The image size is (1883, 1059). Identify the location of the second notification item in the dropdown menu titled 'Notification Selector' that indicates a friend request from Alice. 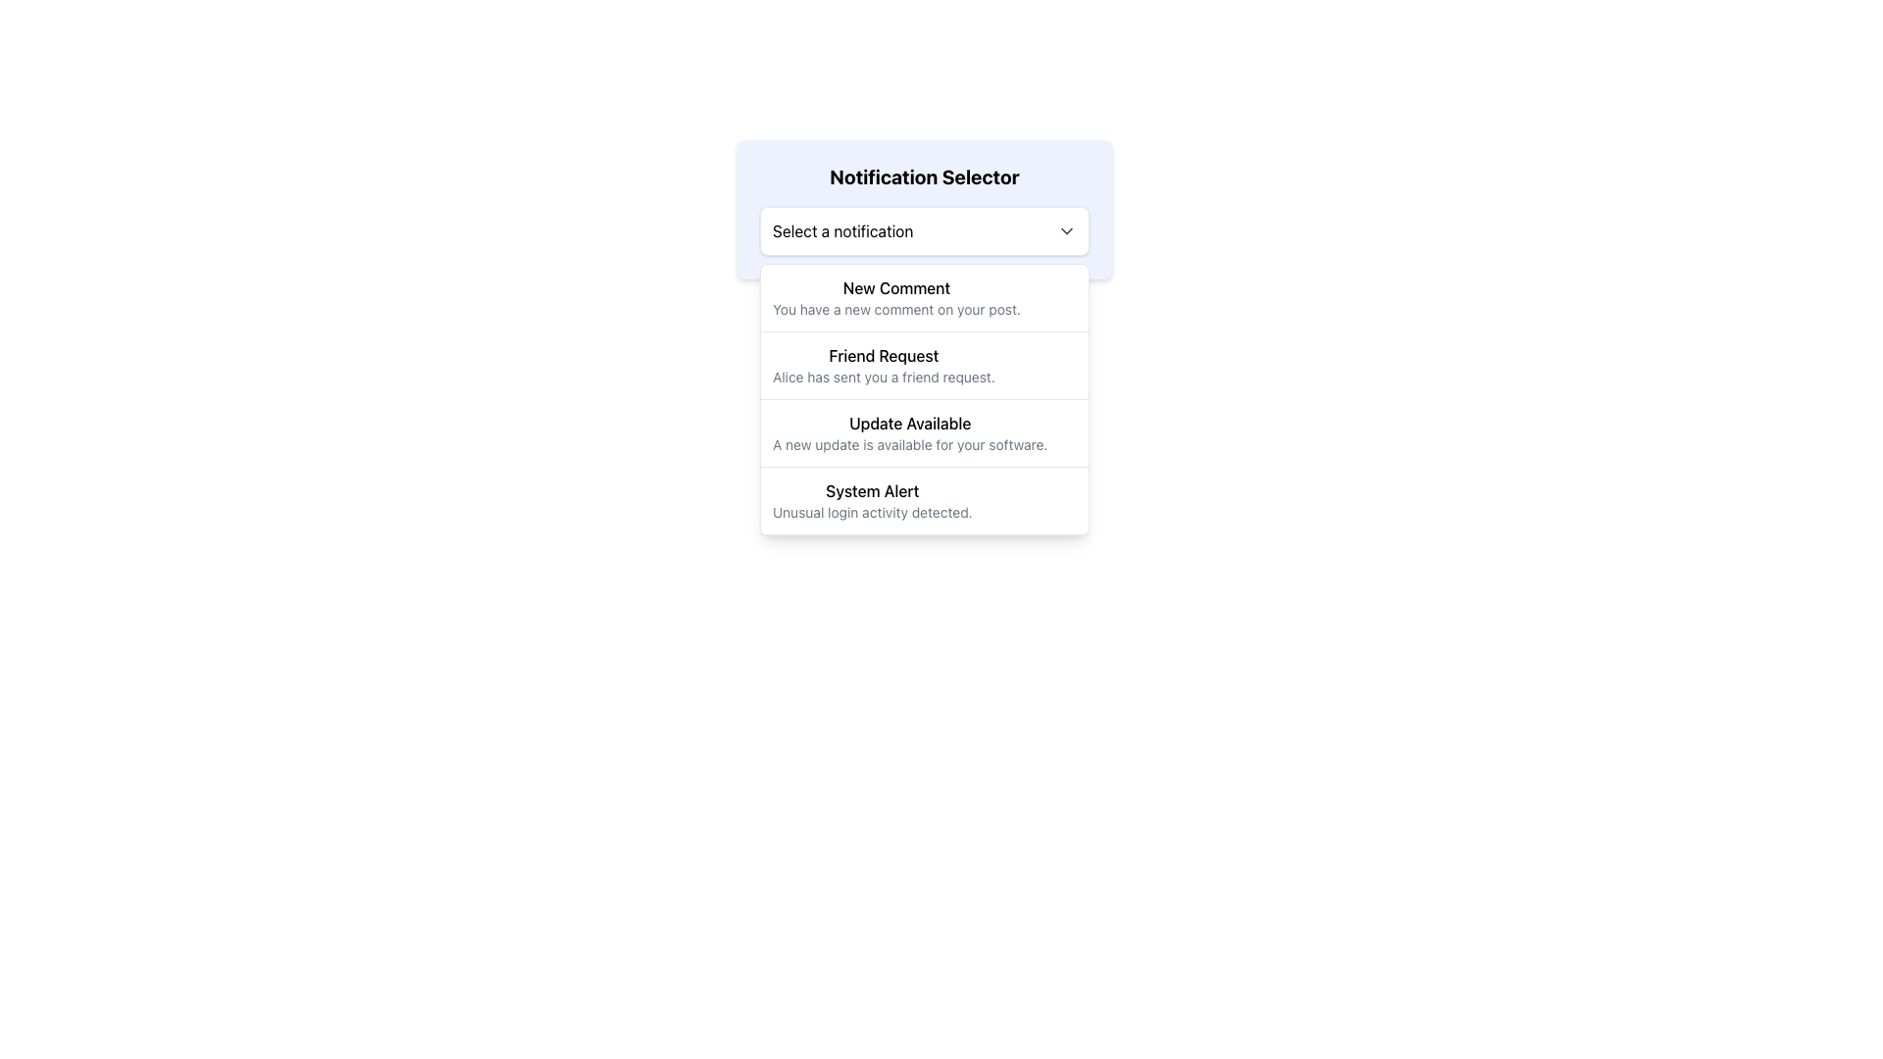
(883, 366).